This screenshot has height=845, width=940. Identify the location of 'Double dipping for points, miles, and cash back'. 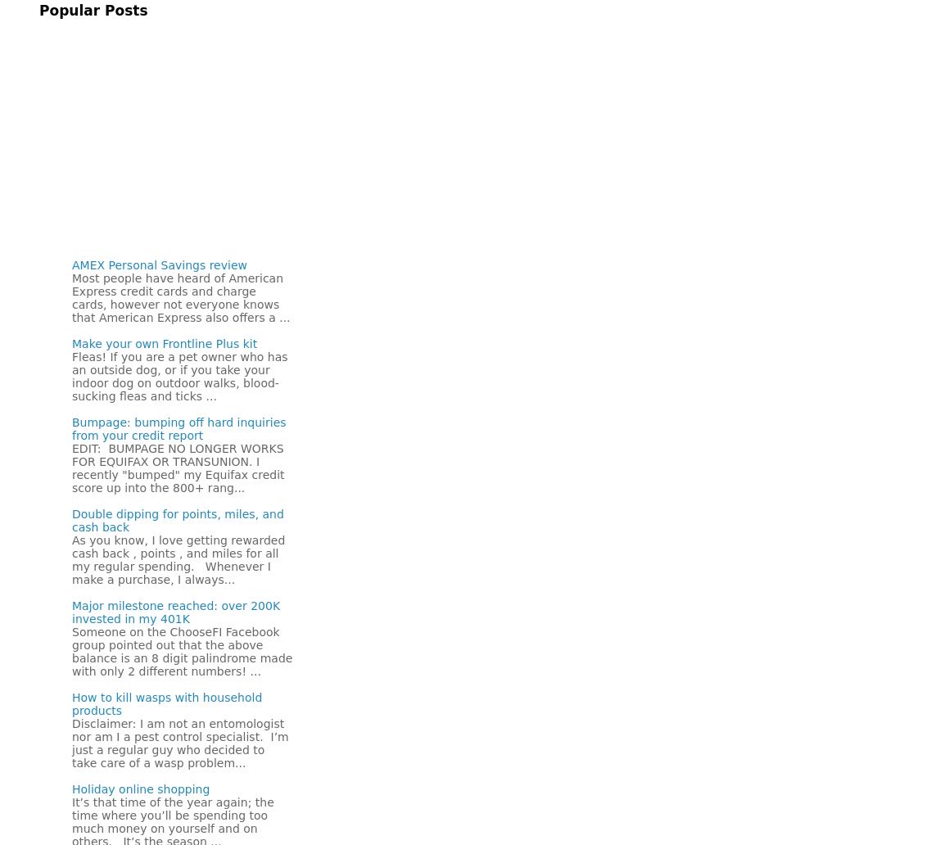
(72, 521).